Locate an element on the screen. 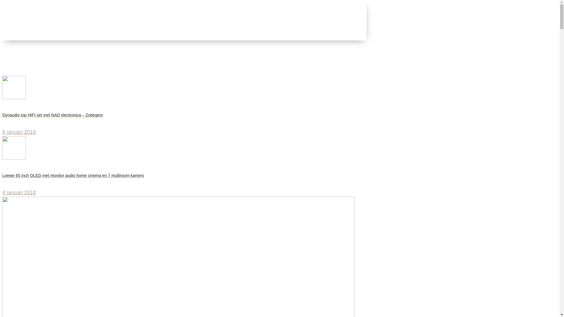 This screenshot has height=317, width=564. 'Maatmeubel met sonos playbar en Samsung Qled' is located at coordinates (14, 66).